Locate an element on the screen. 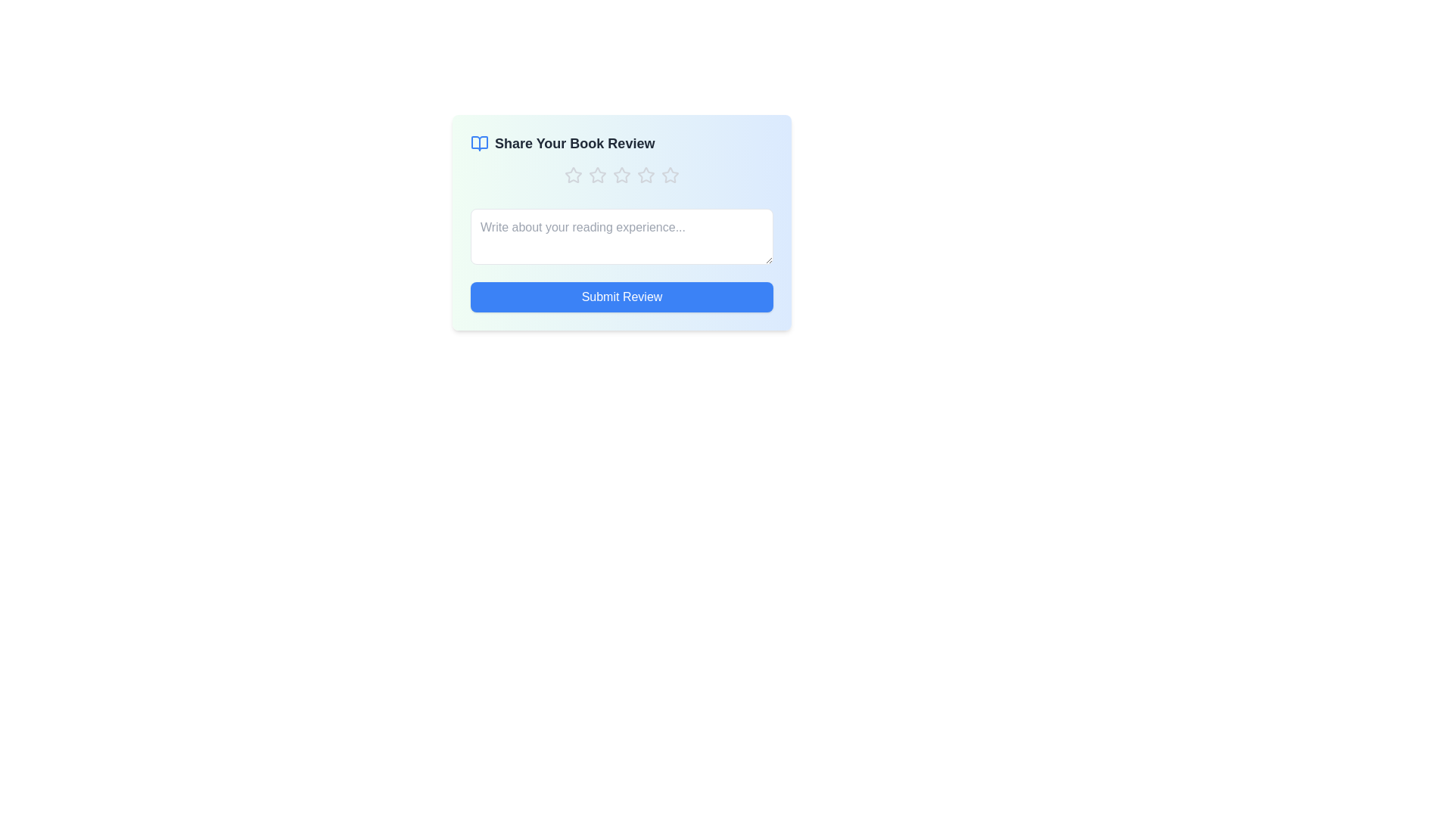 The width and height of the screenshot is (1453, 817). the book rating to 3 stars by clicking on the corresponding star is located at coordinates (621, 174).